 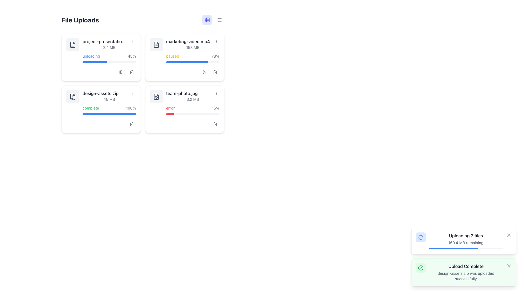 What do you see at coordinates (204, 72) in the screenshot?
I see `the circular icon button located at the top-right section of the card representing the file 'marketing-video.mp4'` at bounding box center [204, 72].